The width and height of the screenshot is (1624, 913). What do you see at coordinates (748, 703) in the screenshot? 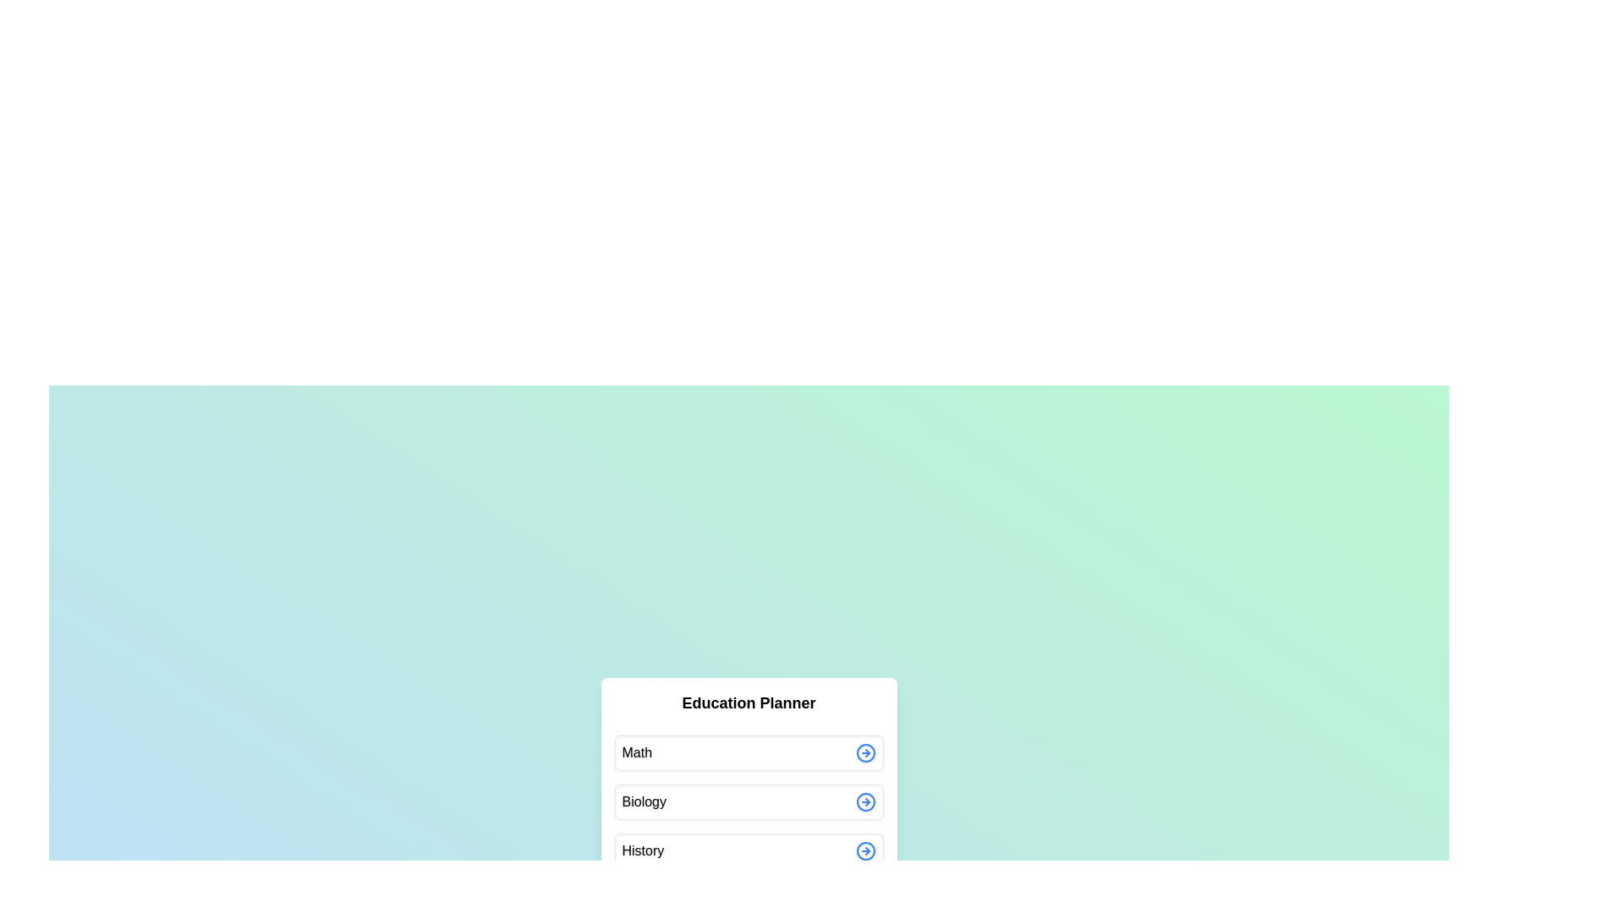
I see `the header text 'Education Planner'` at bounding box center [748, 703].